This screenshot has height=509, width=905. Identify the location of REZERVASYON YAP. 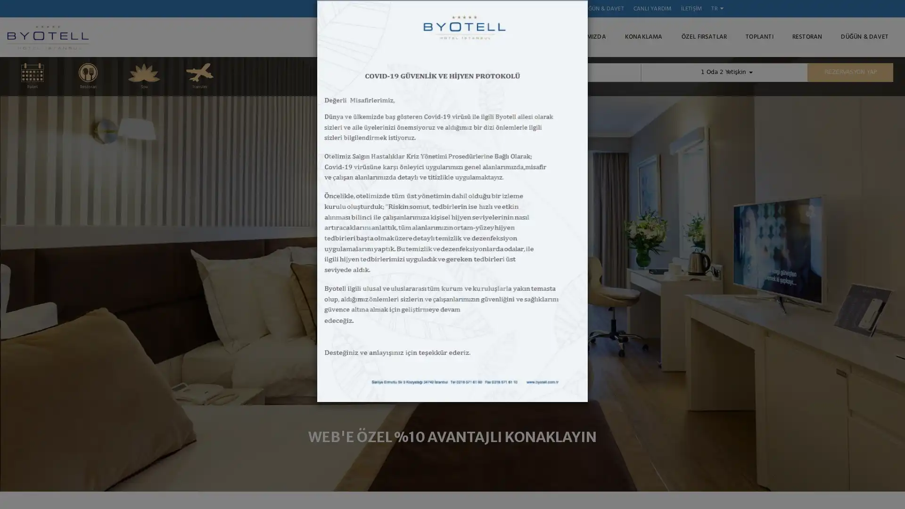
(850, 72).